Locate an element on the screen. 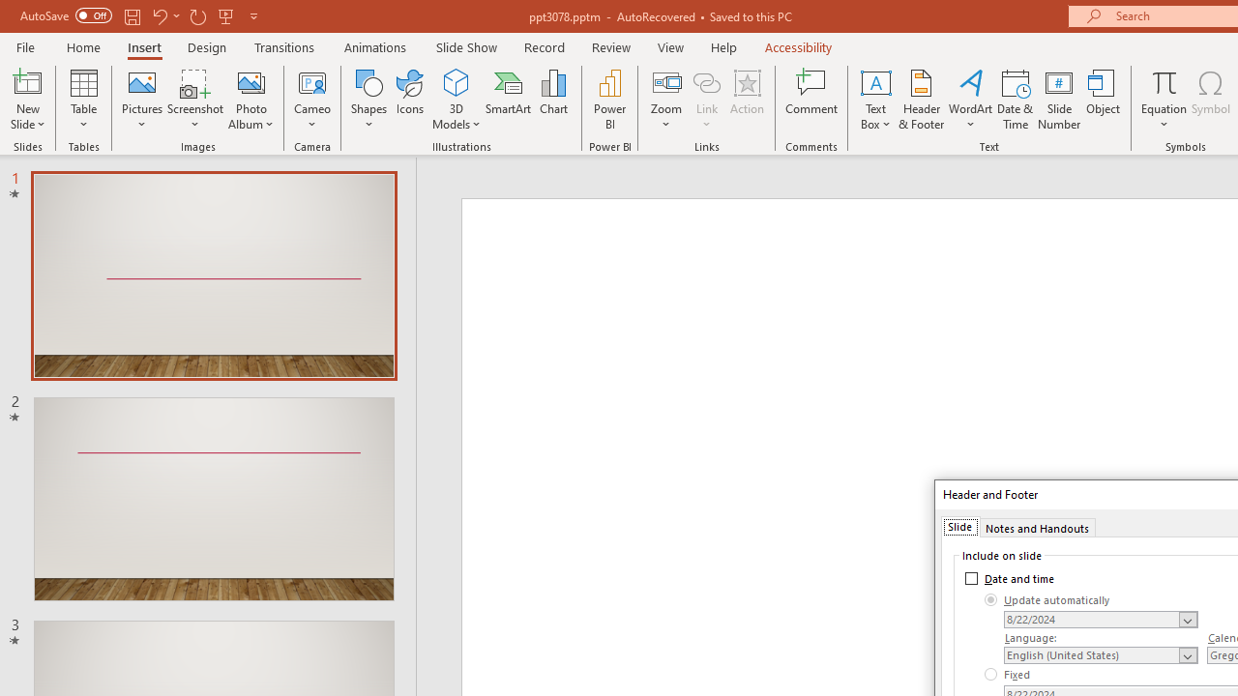 The image size is (1238, 696). 'Language' is located at coordinates (1101, 653).